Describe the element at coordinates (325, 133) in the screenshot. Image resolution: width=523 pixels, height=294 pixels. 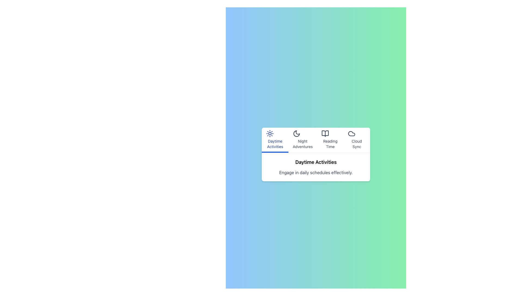
I see `the 'Reading Time' icon, which is an open book icon with a minimalistic outline style` at that location.